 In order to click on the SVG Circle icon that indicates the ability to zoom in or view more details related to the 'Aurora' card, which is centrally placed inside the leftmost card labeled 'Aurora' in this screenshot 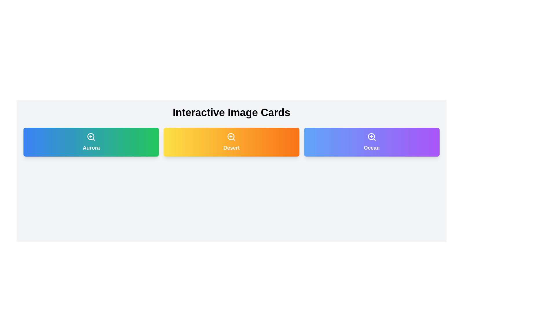, I will do `click(90, 136)`.